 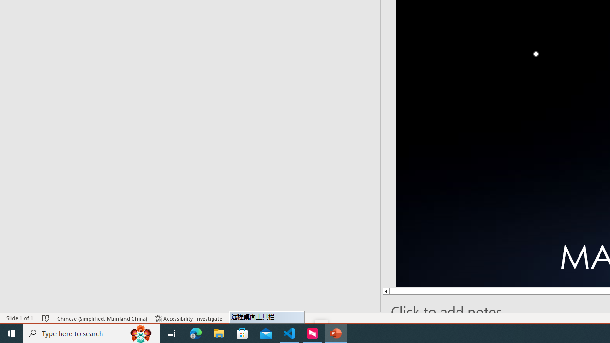 What do you see at coordinates (336, 333) in the screenshot?
I see `'PowerPoint - 1 running window'` at bounding box center [336, 333].